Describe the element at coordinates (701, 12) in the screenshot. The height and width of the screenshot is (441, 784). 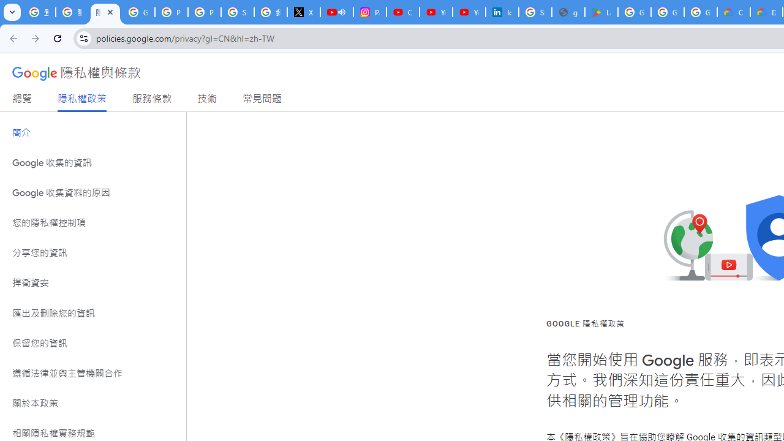
I see `'Google Workspace - Specific Terms'` at that location.